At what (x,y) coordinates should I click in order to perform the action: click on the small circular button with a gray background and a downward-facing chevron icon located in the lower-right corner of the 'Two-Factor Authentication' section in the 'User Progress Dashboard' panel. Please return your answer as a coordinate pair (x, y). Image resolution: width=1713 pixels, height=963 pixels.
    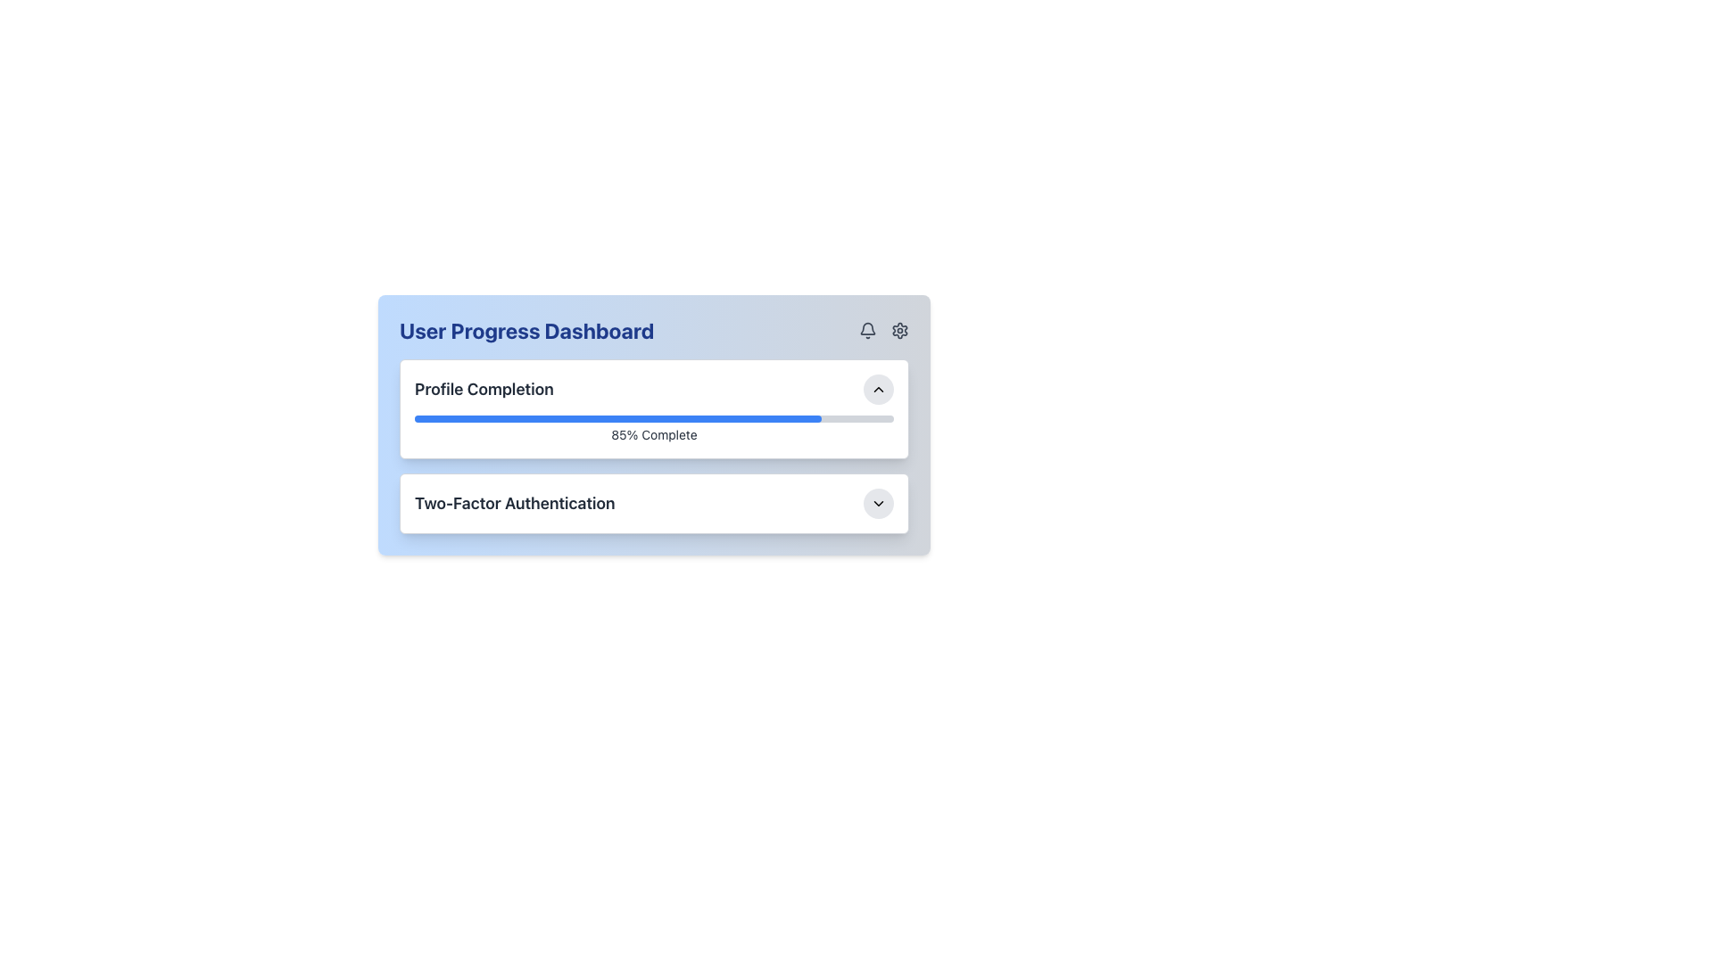
    Looking at the image, I should click on (878, 503).